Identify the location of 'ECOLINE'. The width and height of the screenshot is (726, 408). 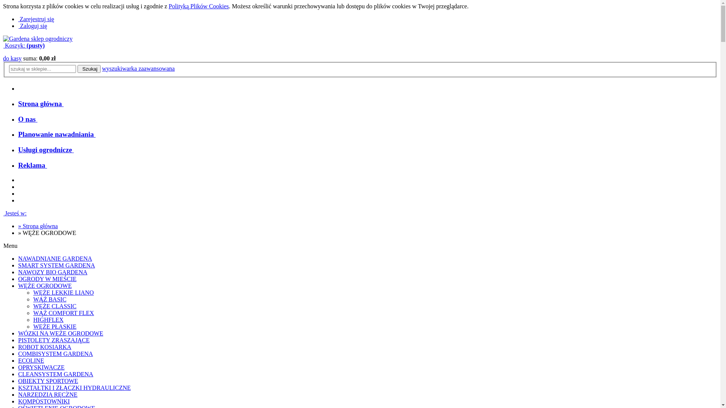
(30, 360).